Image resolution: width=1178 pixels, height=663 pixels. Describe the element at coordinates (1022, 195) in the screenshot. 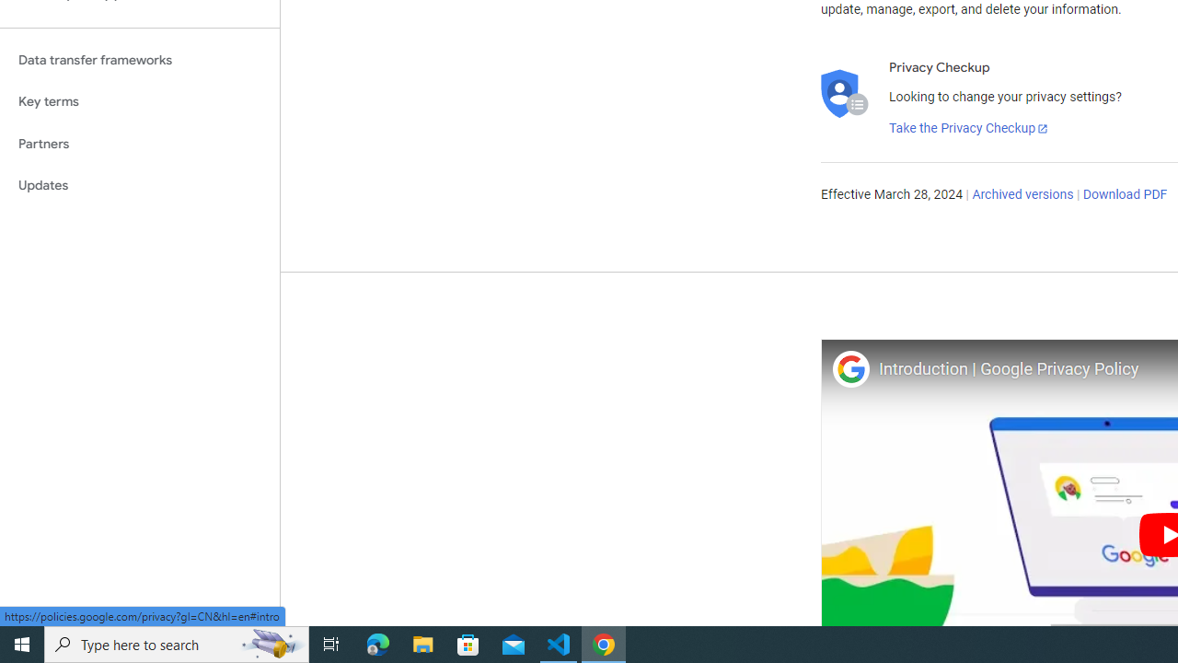

I see `'Archived versions'` at that location.